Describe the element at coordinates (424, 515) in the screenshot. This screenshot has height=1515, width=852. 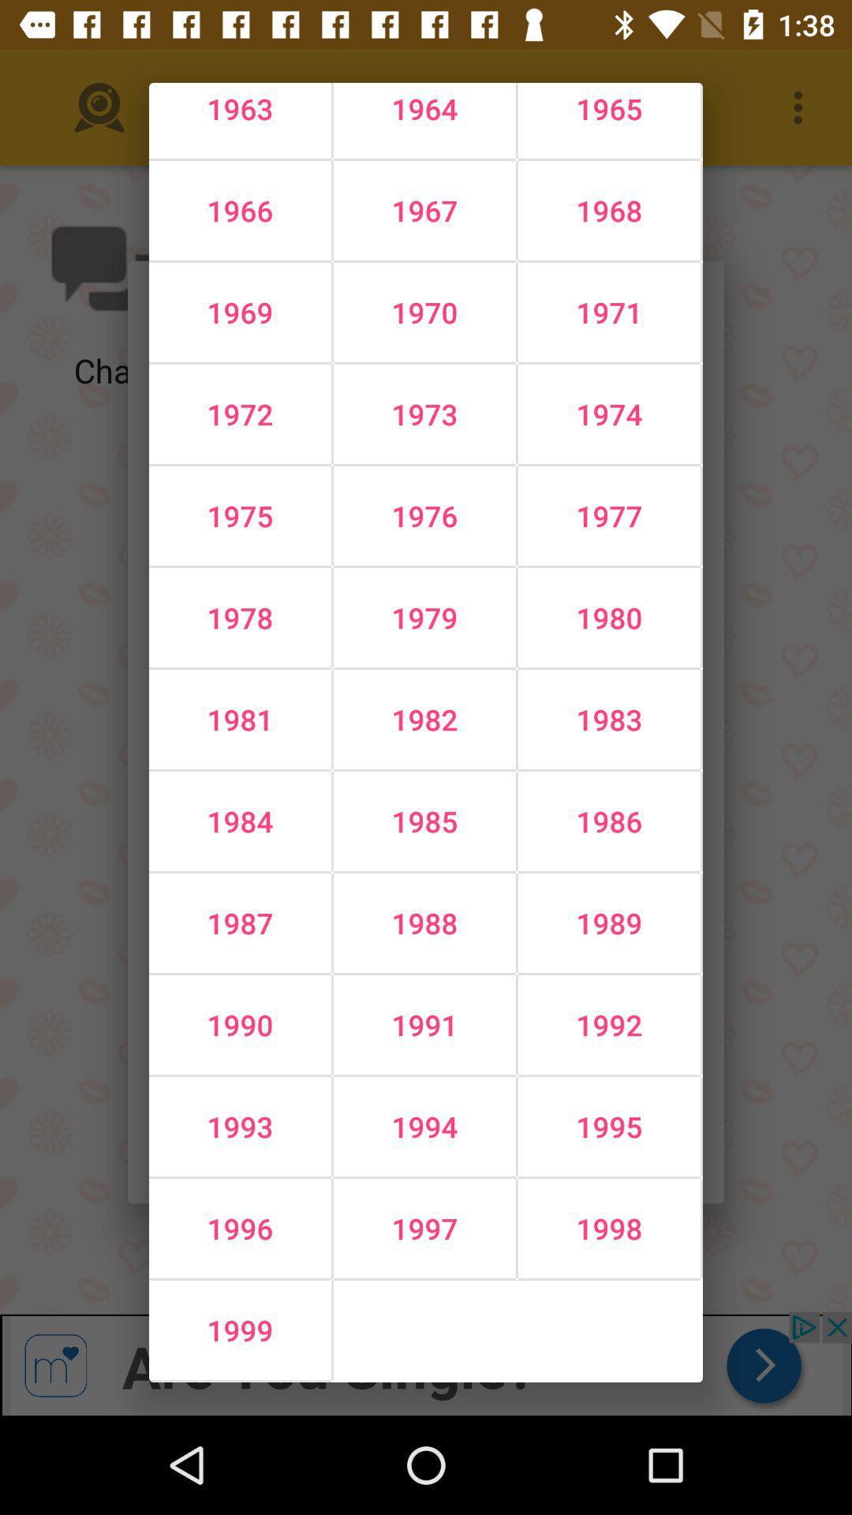
I see `the icon below the 1972` at that location.